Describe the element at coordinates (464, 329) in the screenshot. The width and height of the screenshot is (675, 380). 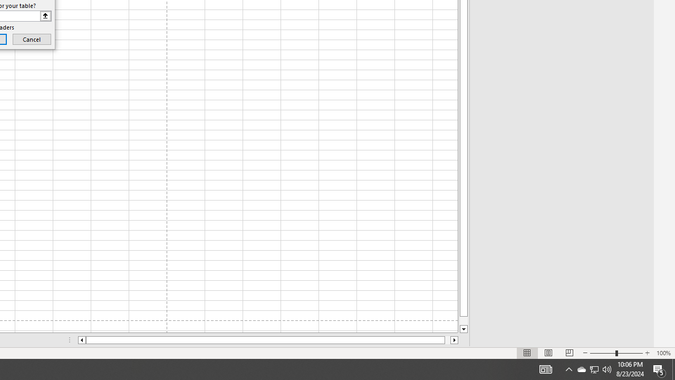
I see `'Line down'` at that location.